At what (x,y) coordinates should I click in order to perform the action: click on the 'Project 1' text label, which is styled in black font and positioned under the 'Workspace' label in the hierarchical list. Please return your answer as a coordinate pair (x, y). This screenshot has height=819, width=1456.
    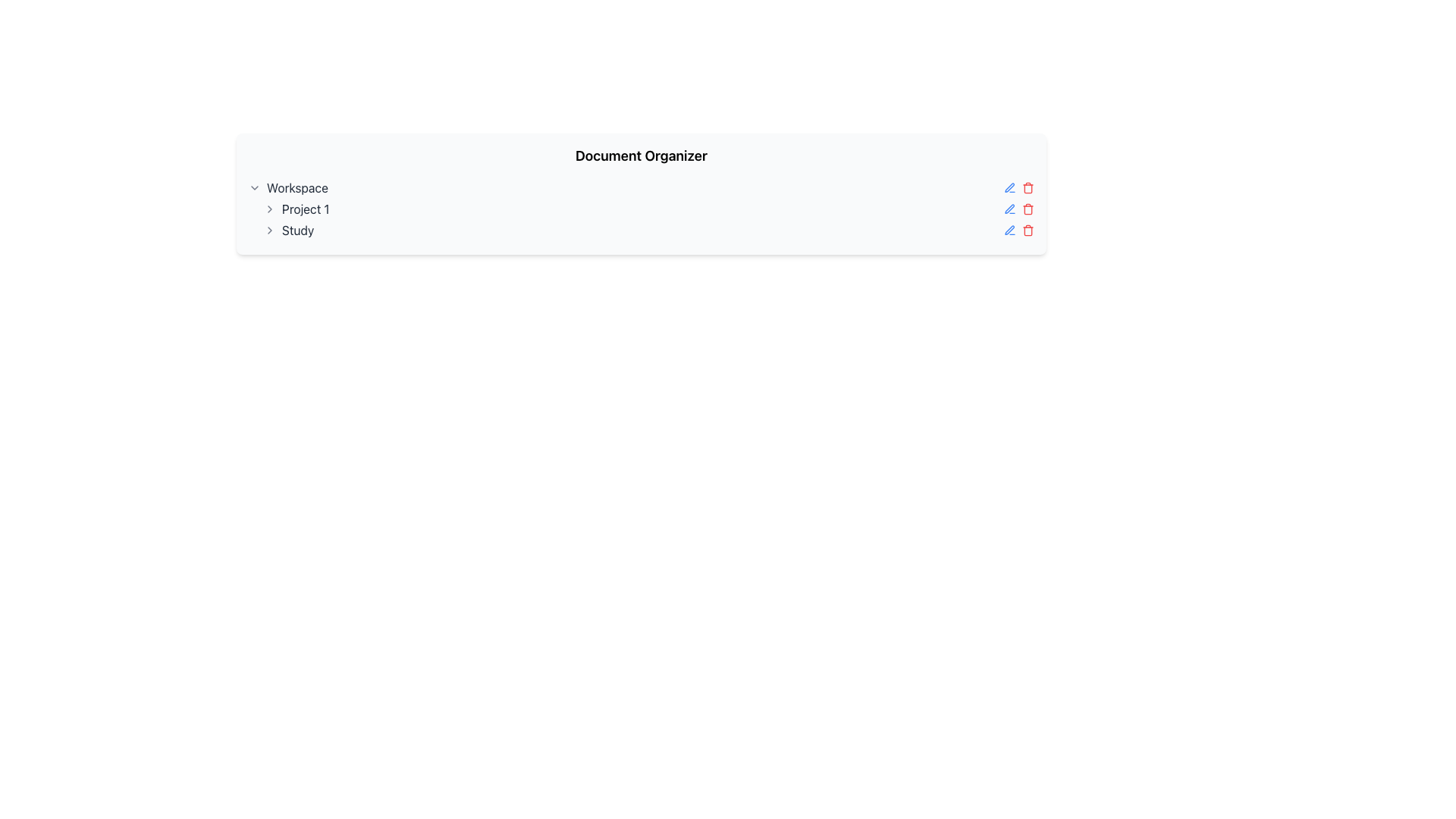
    Looking at the image, I should click on (305, 209).